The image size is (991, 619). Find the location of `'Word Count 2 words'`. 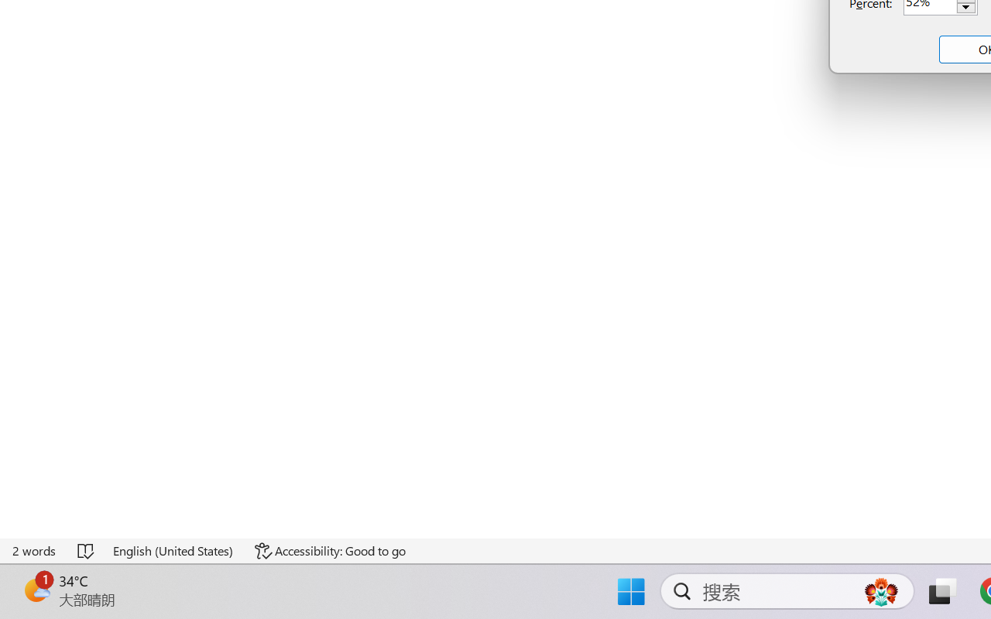

'Word Count 2 words' is located at coordinates (35, 550).